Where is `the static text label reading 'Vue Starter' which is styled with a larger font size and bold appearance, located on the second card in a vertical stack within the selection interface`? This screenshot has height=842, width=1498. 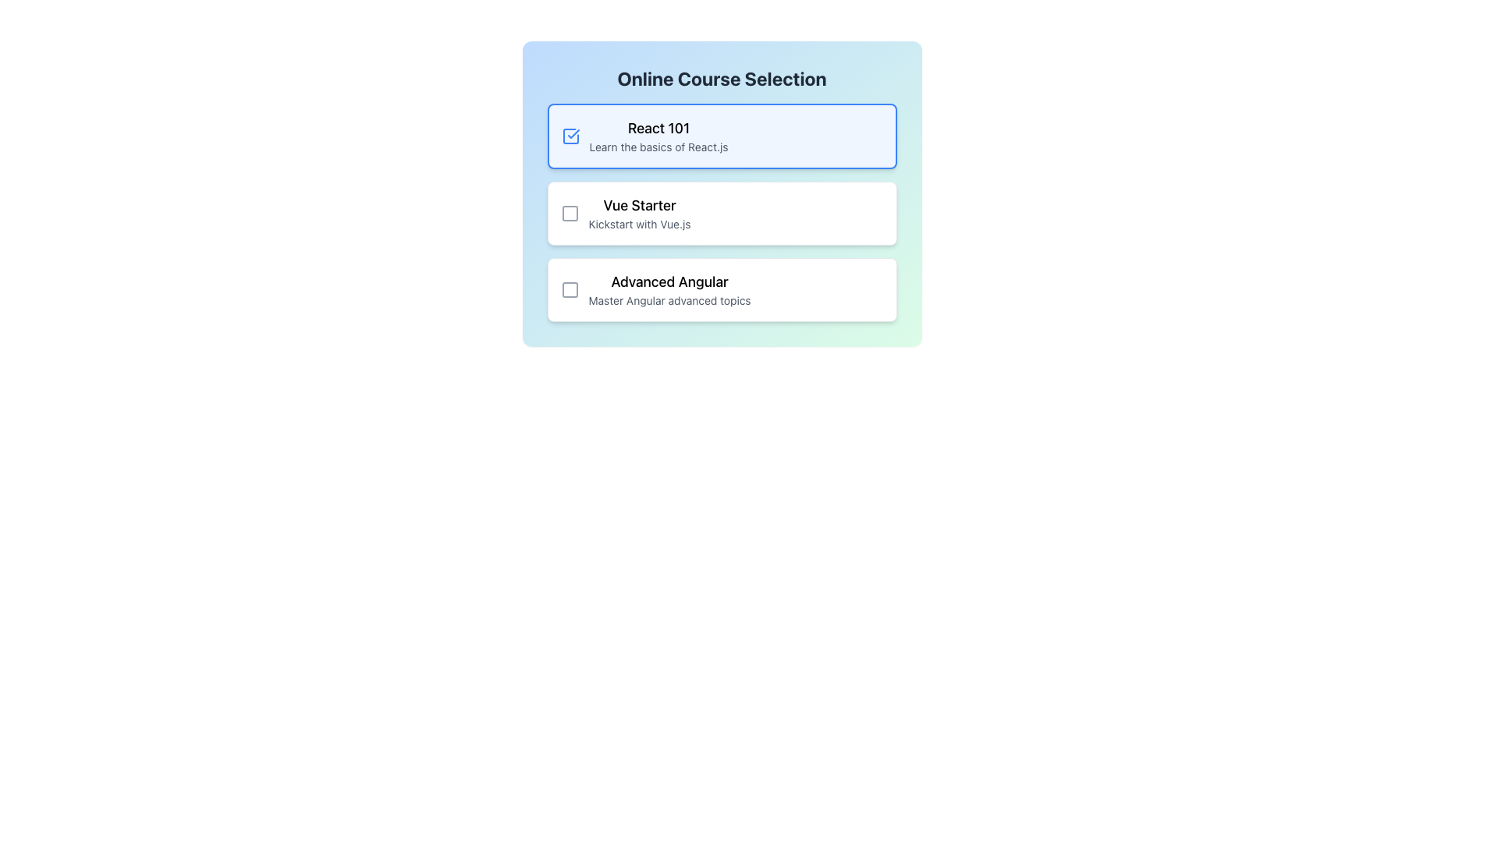
the static text label reading 'Vue Starter' which is styled with a larger font size and bold appearance, located on the second card in a vertical stack within the selection interface is located at coordinates (640, 204).